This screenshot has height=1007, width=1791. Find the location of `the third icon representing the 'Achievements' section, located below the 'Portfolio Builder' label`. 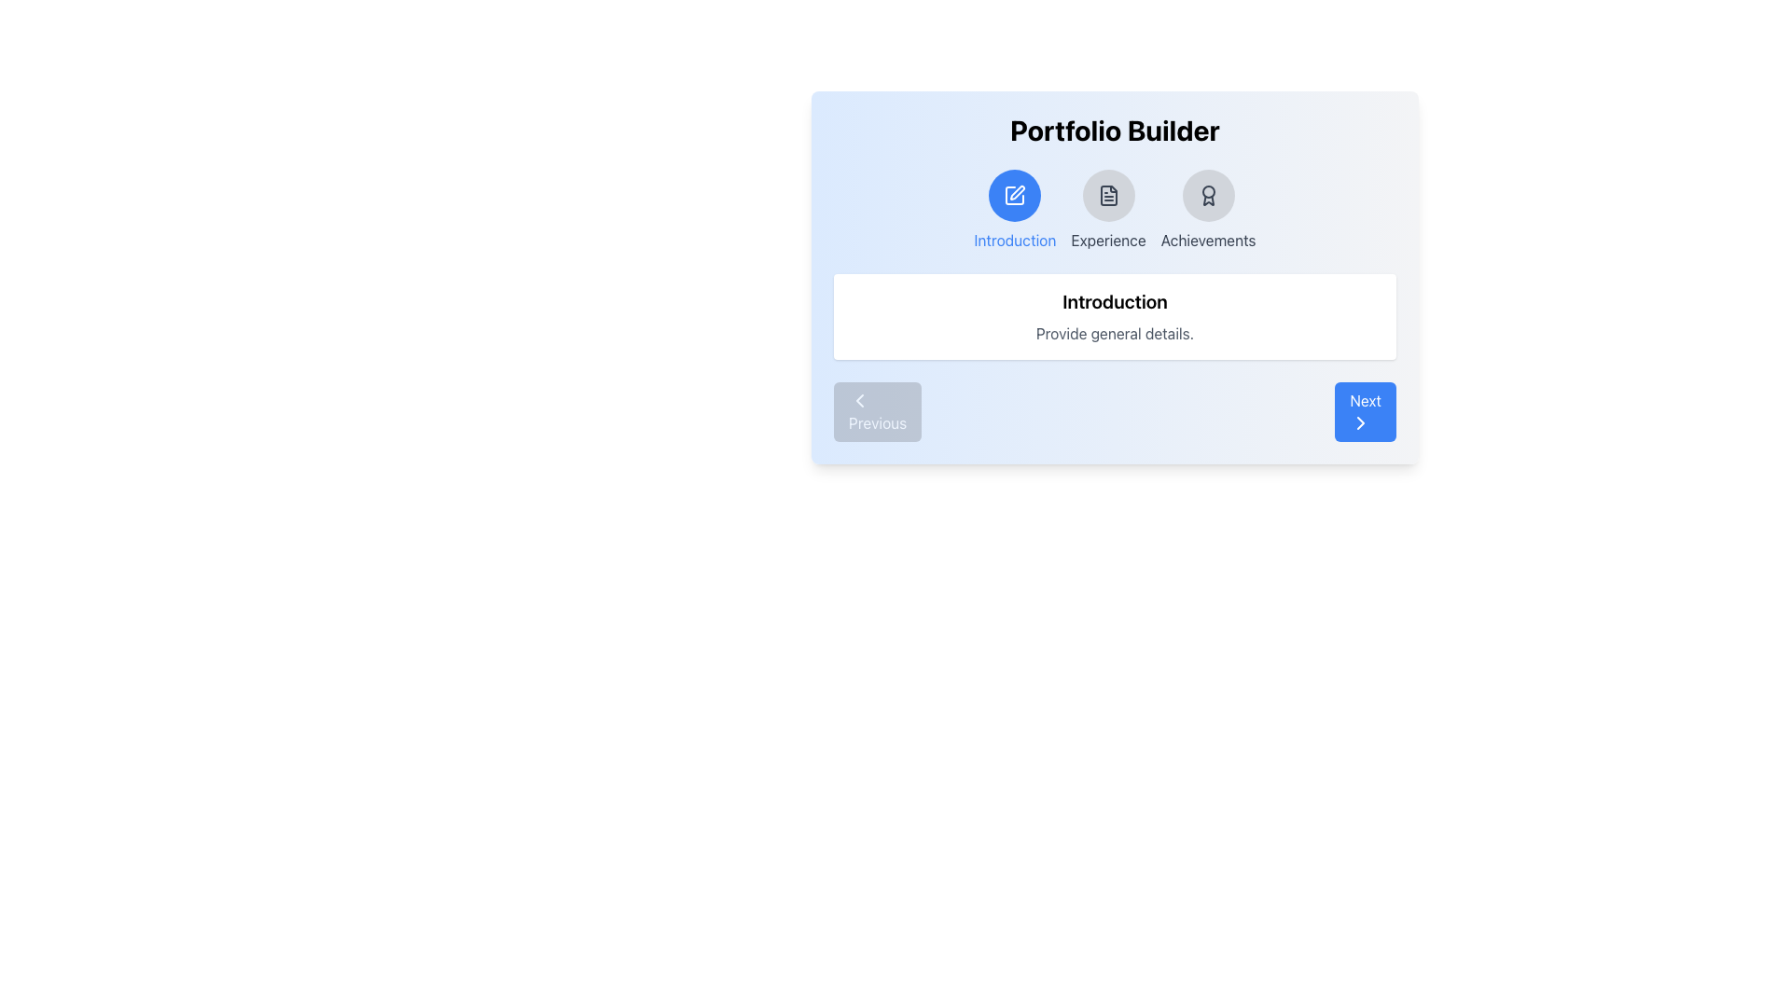

the third icon representing the 'Achievements' section, located below the 'Portfolio Builder' label is located at coordinates (1208, 195).